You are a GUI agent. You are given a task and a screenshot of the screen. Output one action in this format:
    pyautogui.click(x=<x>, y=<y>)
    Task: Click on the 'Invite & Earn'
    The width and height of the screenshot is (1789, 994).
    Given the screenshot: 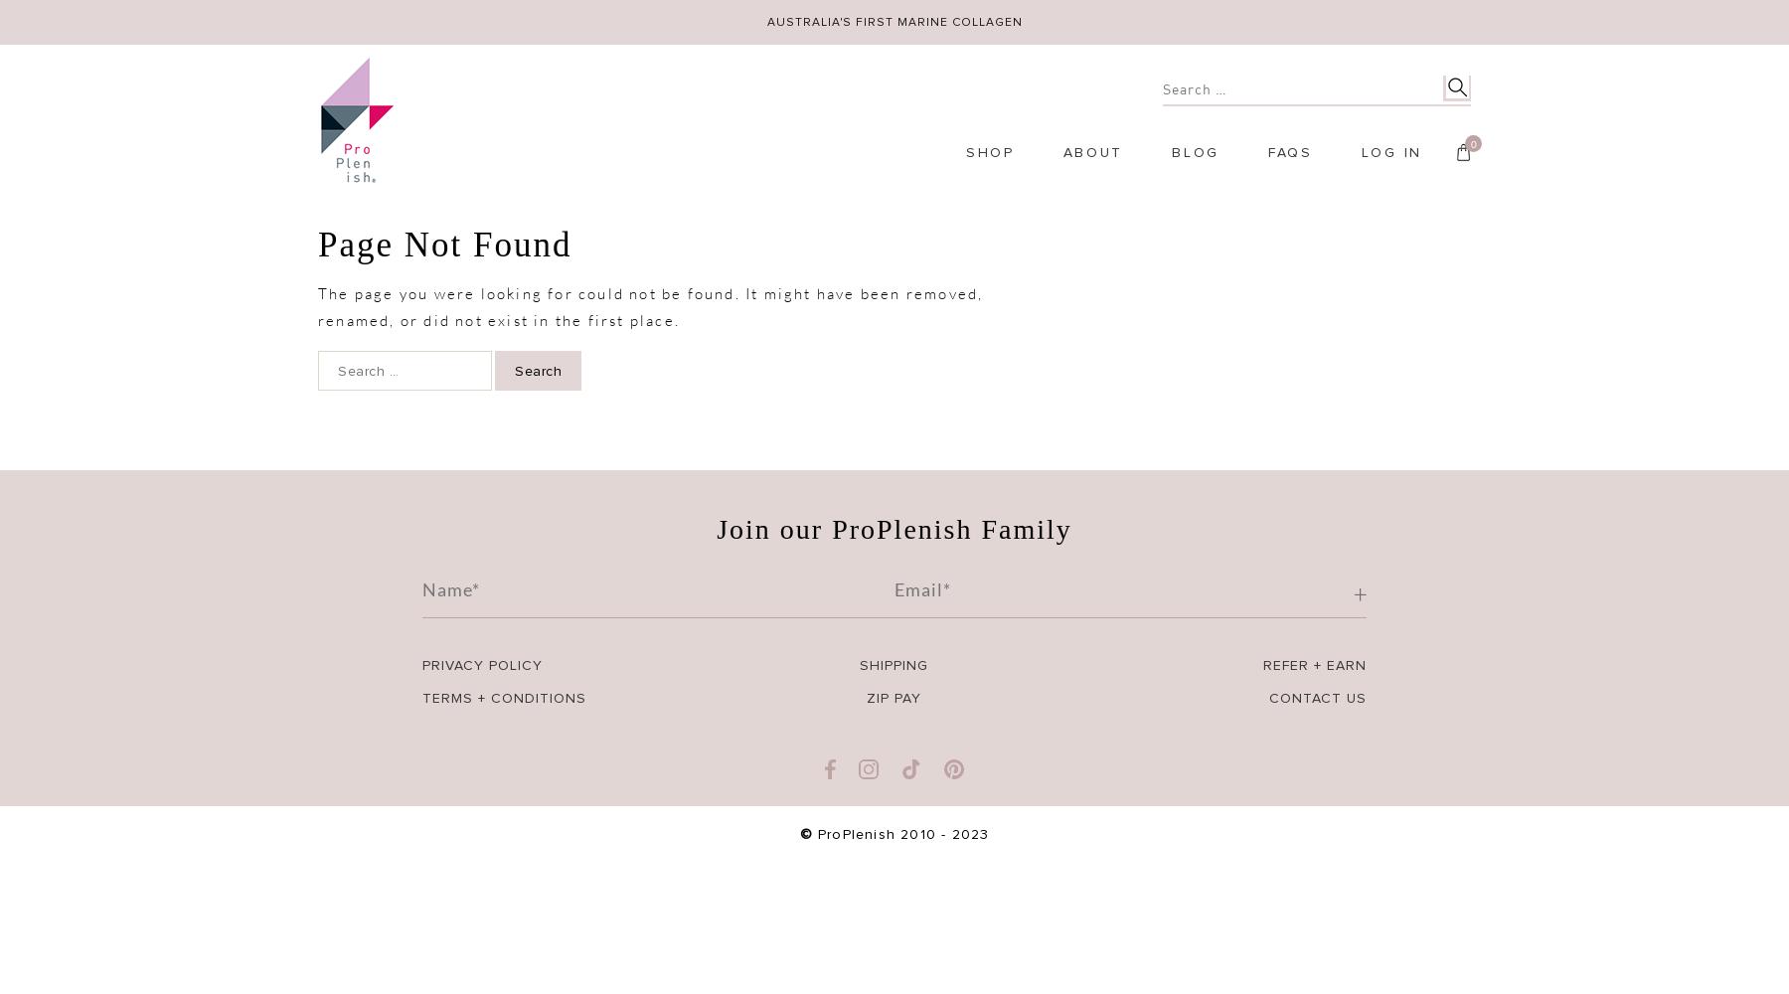 What is the action you would take?
    pyautogui.click(x=695, y=807)
    